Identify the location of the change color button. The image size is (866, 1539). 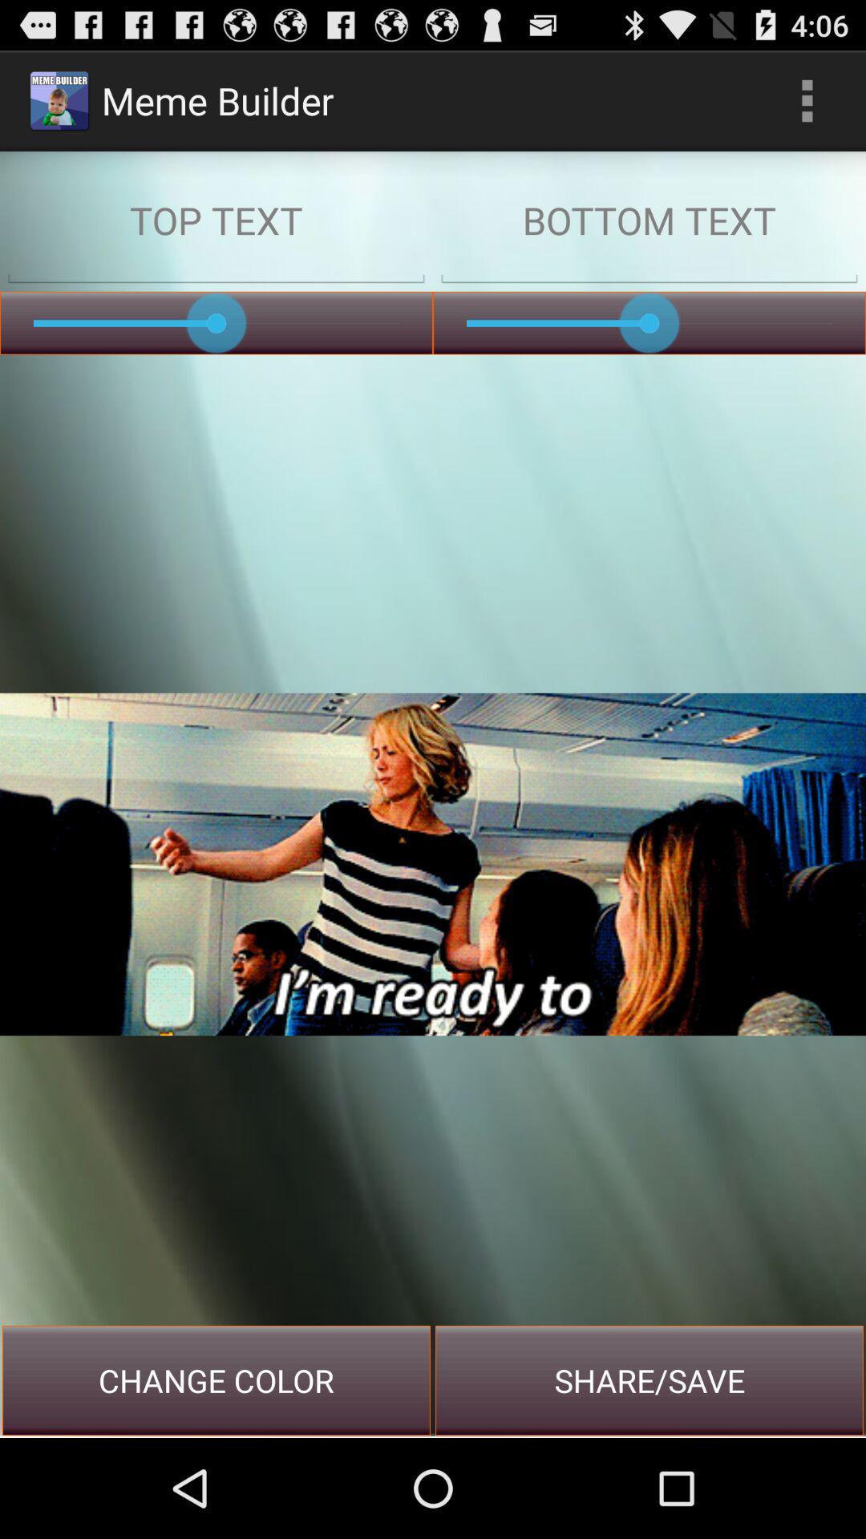
(216, 1379).